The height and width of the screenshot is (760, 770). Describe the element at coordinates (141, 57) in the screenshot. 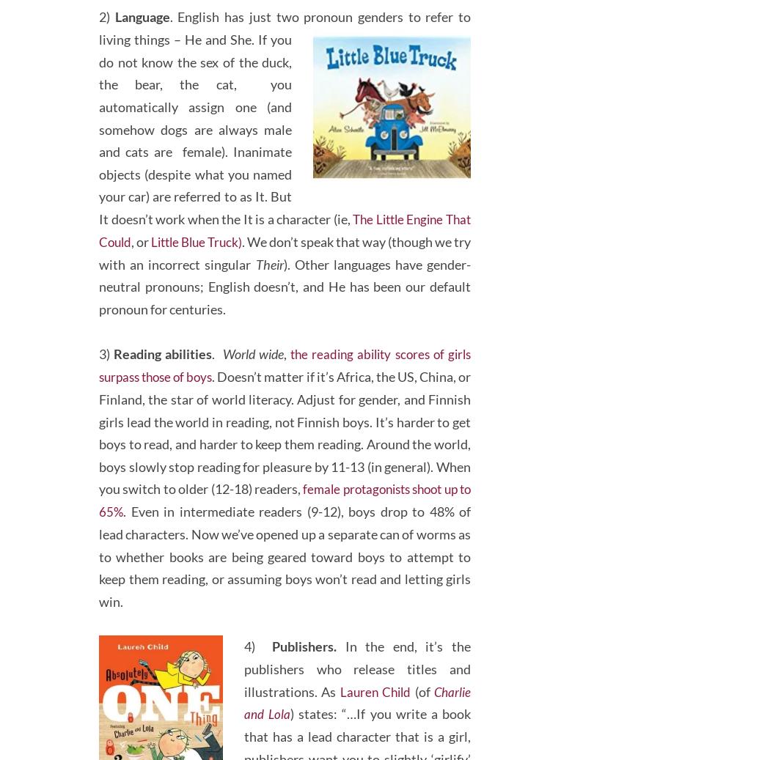

I see `'Language'` at that location.